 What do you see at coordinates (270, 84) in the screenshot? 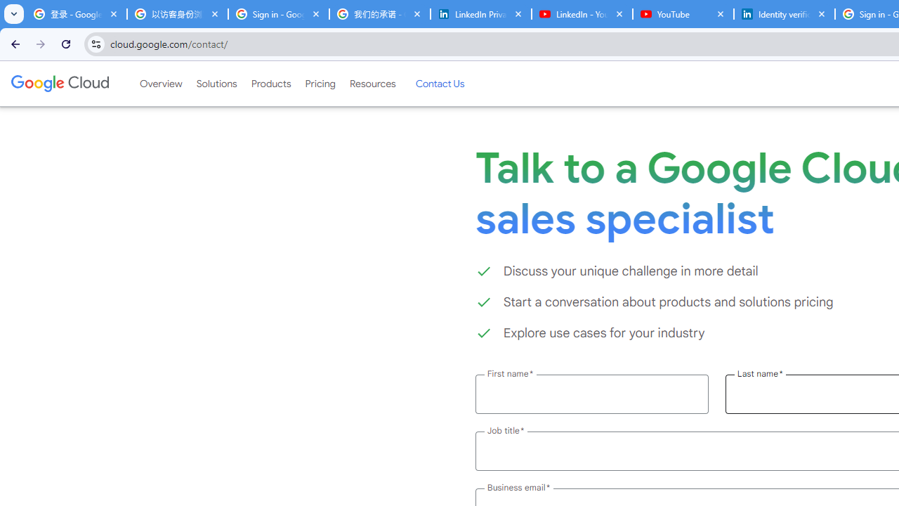
I see `'Products'` at bounding box center [270, 84].